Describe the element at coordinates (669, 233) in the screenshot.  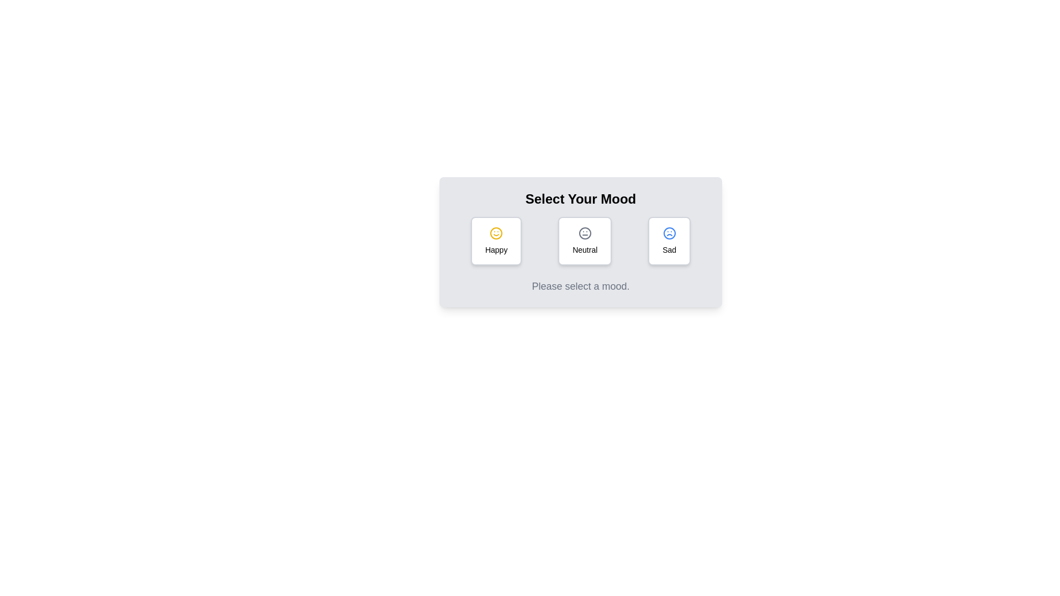
I see `the sad face icon, which is a vector graphic within a circular boundary, located inside the 'Sad' button in the 'Select Your Mood' section` at that location.